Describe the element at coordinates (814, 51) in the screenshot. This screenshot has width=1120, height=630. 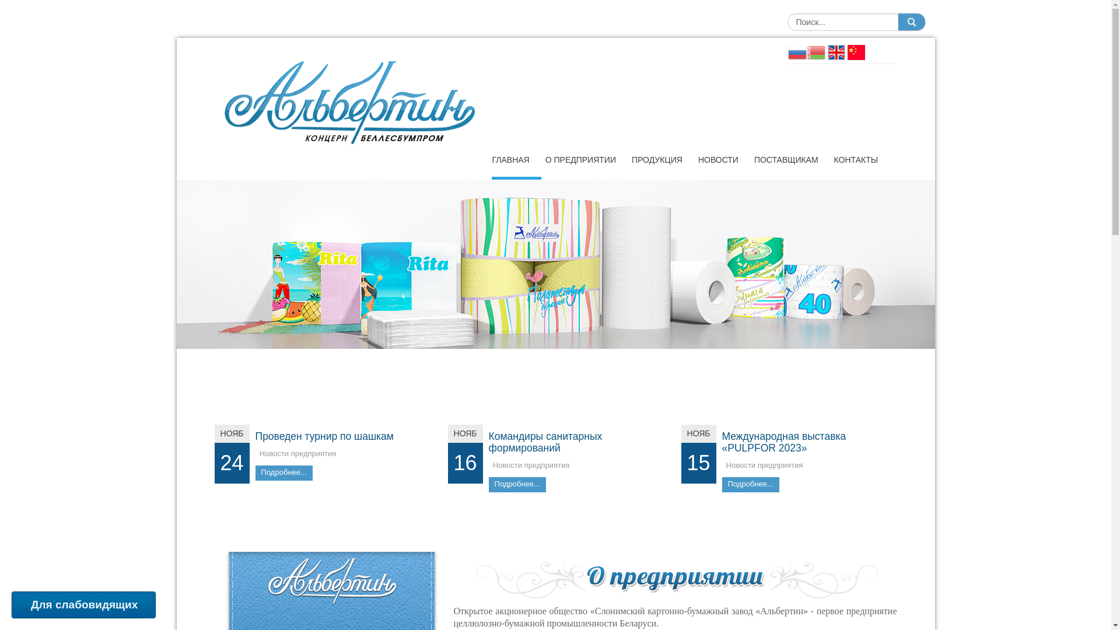
I see `'Belarusian'` at that location.